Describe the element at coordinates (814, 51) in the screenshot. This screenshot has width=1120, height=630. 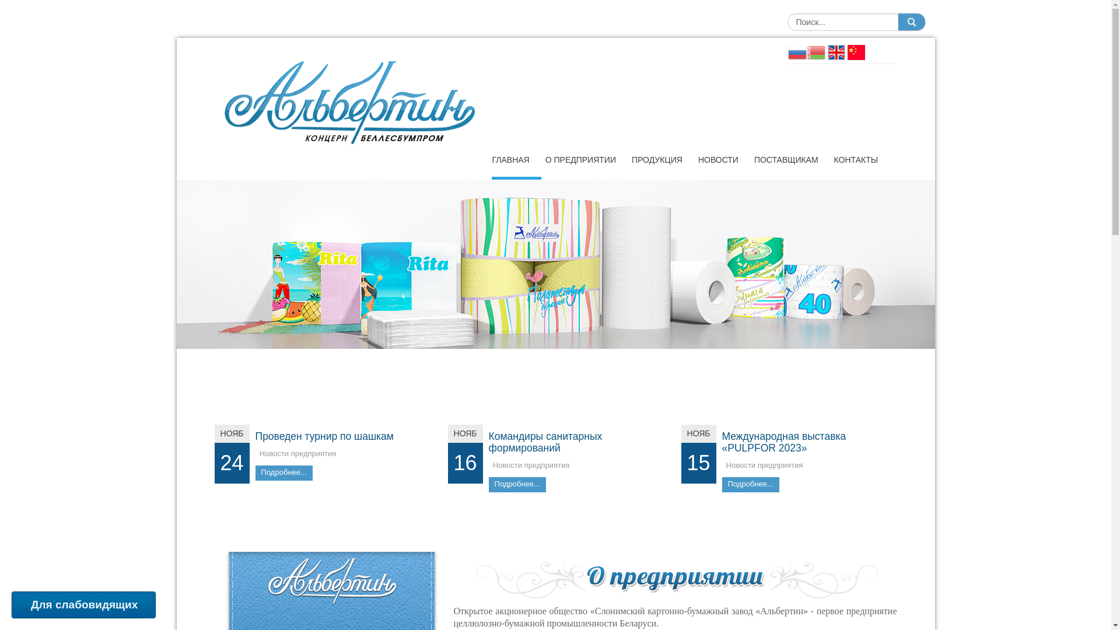
I see `'Belarusian'` at that location.